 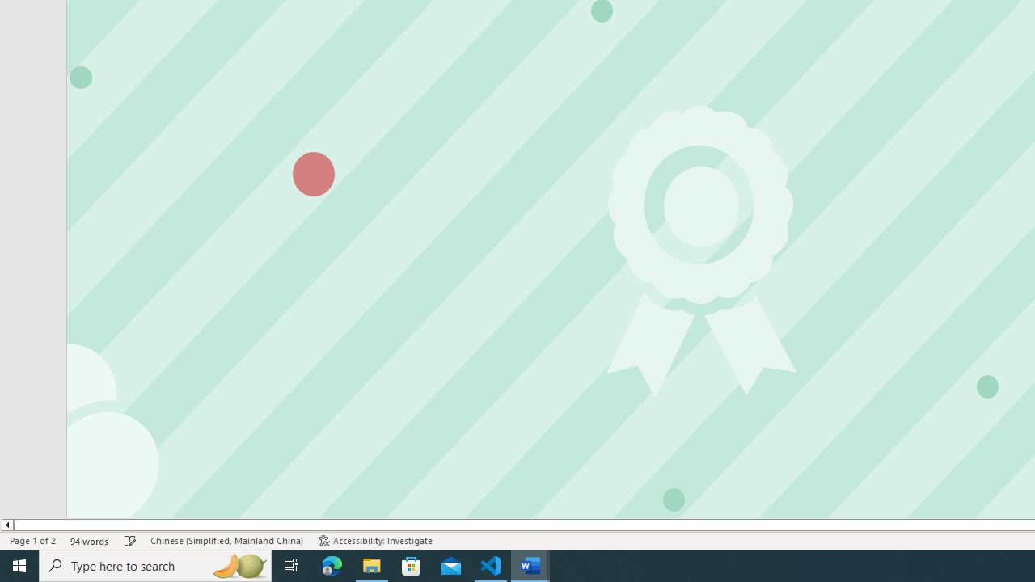 I want to click on 'Language Chinese (Simplified, Mainland China)', so click(x=226, y=541).